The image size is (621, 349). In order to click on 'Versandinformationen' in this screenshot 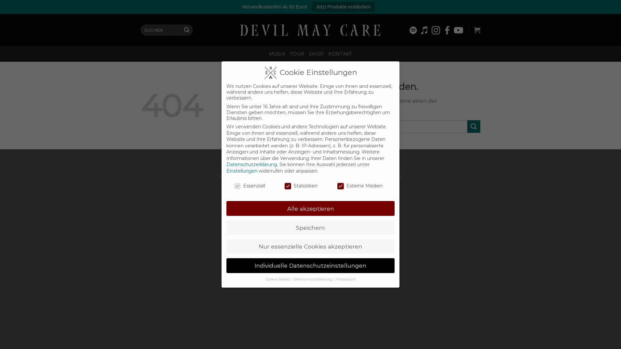, I will do `click(335, 176)`.